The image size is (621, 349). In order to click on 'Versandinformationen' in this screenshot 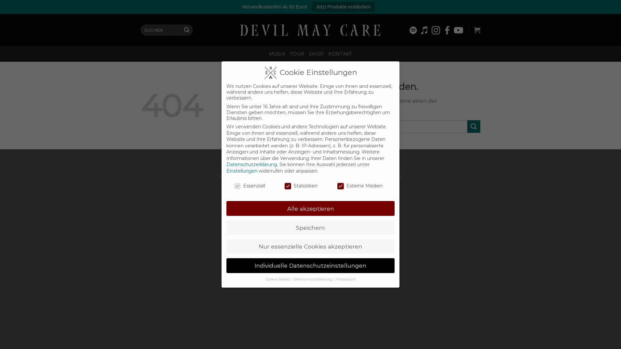, I will do `click(335, 176)`.